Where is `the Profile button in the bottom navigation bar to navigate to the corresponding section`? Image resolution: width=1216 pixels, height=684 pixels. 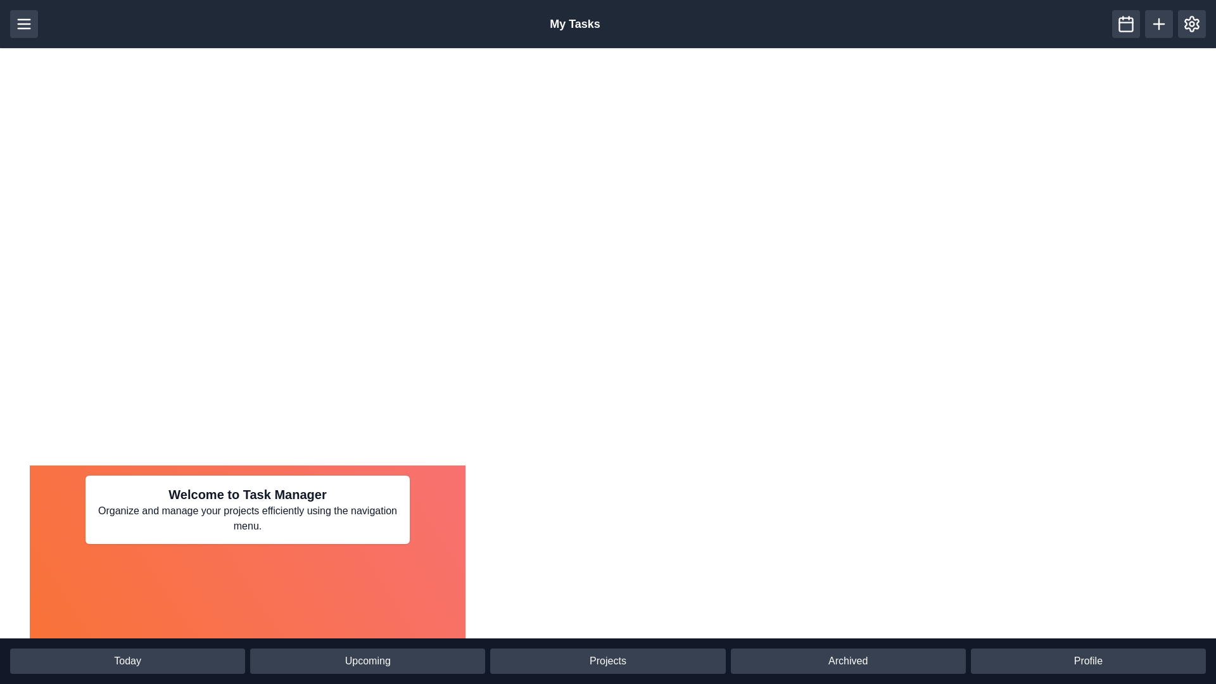 the Profile button in the bottom navigation bar to navigate to the corresponding section is located at coordinates (1087, 661).